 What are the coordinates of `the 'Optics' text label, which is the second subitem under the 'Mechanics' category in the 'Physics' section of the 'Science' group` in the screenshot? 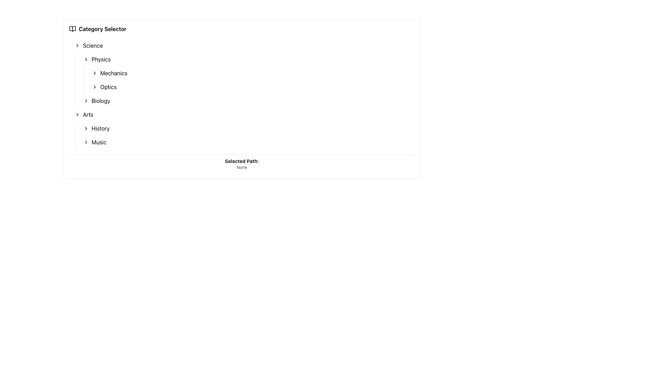 It's located at (108, 86).